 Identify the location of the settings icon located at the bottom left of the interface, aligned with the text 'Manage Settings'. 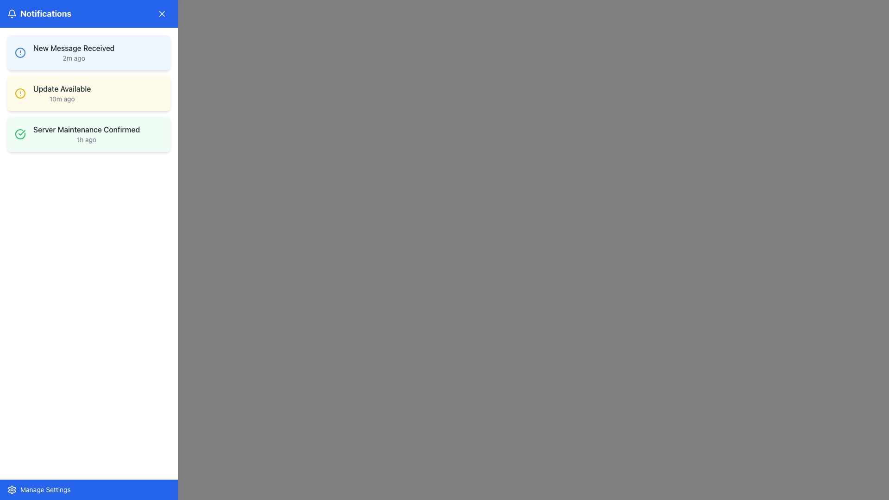
(12, 489).